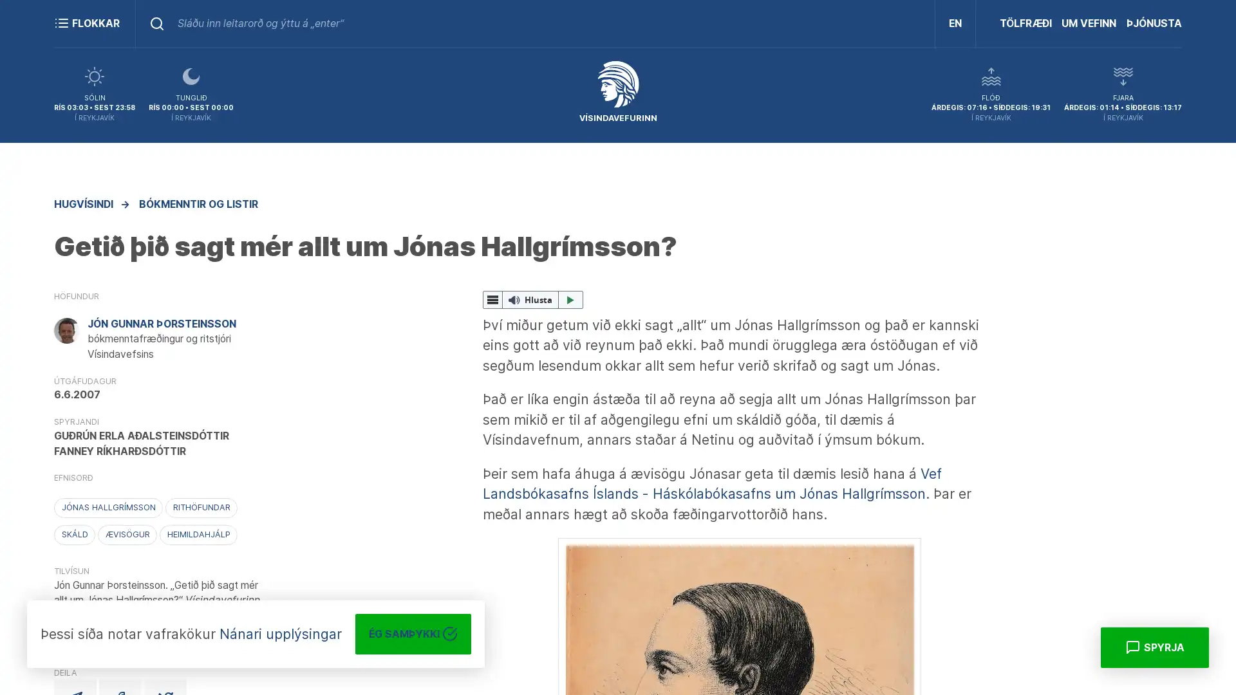  I want to click on webReader valmynd, so click(492, 299).